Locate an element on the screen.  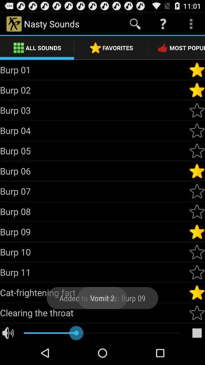
favorite is located at coordinates (197, 292).